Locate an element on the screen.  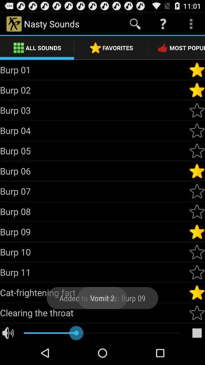
favorite is located at coordinates (197, 292).